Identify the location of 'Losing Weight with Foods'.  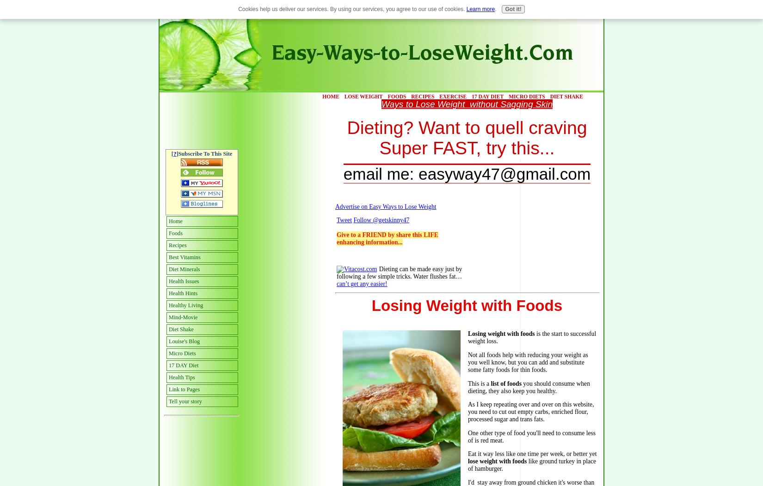
(467, 304).